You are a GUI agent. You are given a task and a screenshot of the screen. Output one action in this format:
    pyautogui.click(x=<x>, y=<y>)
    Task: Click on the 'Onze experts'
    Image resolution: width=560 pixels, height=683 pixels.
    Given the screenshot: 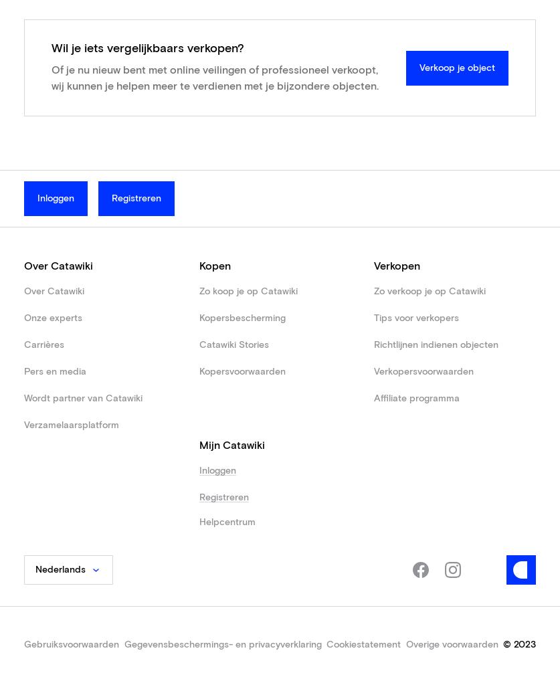 What is the action you would take?
    pyautogui.click(x=53, y=317)
    